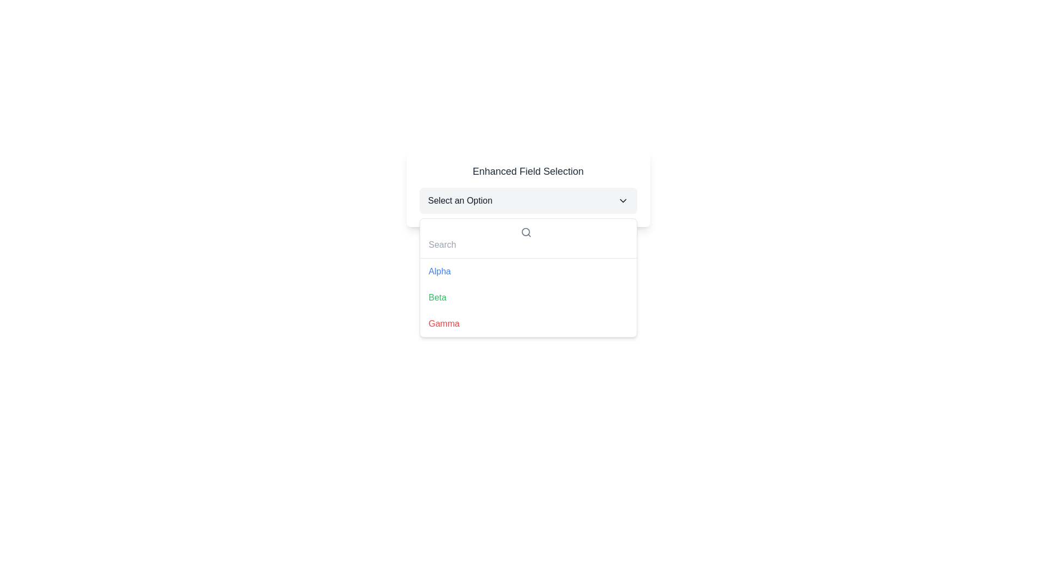 Image resolution: width=1045 pixels, height=588 pixels. Describe the element at coordinates (528, 271) in the screenshot. I see `the first item in the dropdown menu to choose the option` at that location.